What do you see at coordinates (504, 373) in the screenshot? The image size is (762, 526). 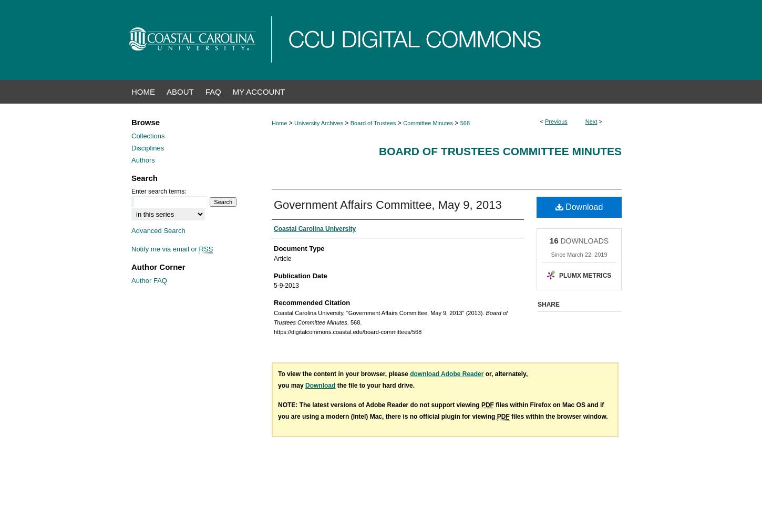 I see `'or, alternately,'` at bounding box center [504, 373].